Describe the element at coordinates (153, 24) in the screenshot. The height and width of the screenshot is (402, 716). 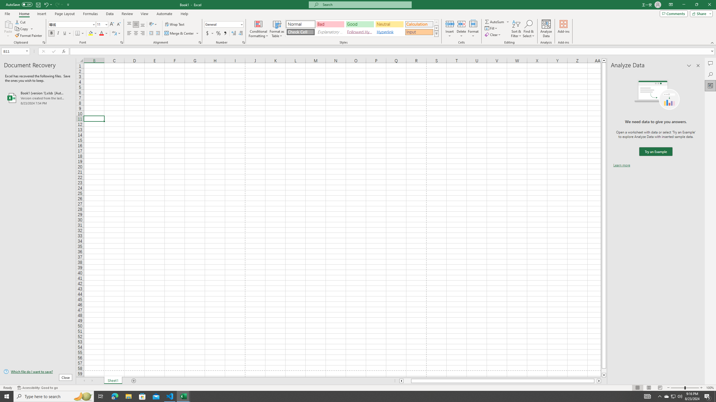
I see `'Orientation'` at that location.